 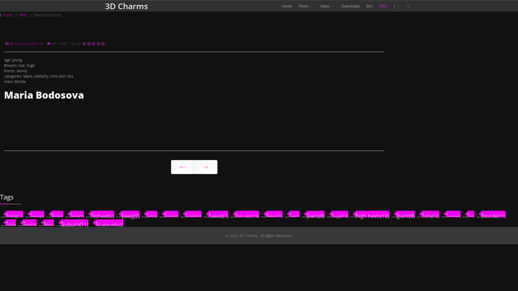 What do you see at coordinates (327, 6) in the screenshot?
I see `'Video'` at bounding box center [327, 6].